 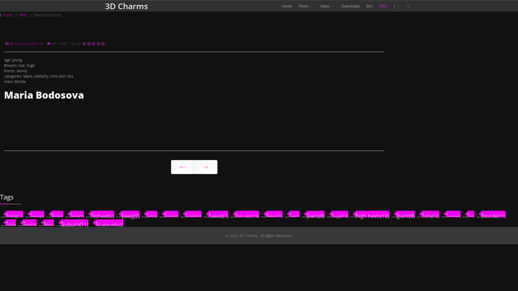 What do you see at coordinates (327, 6) in the screenshot?
I see `'Video'` at bounding box center [327, 6].